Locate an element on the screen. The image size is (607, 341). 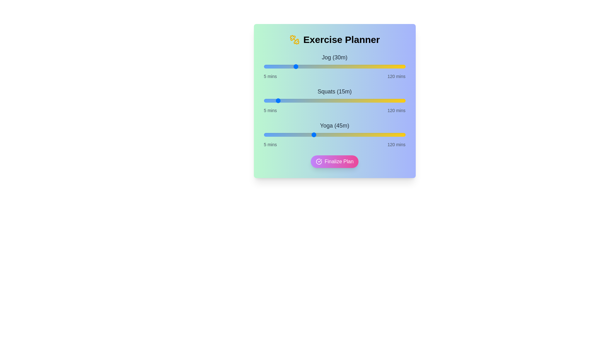
the 'Jog' slider to a specific duration 38 is located at coordinates (304, 67).